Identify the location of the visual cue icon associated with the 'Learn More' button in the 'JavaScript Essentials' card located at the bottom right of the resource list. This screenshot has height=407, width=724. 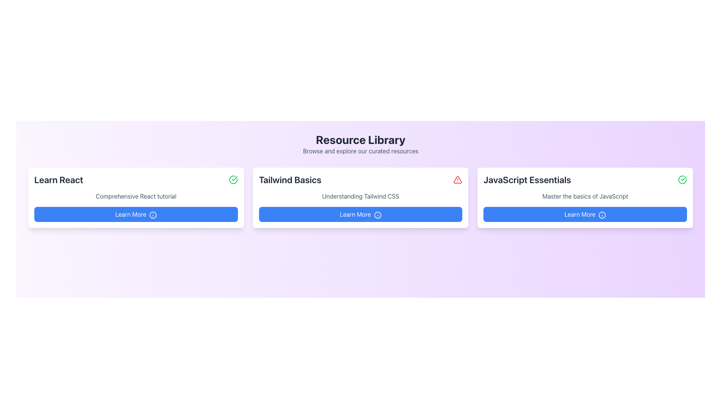
(602, 215).